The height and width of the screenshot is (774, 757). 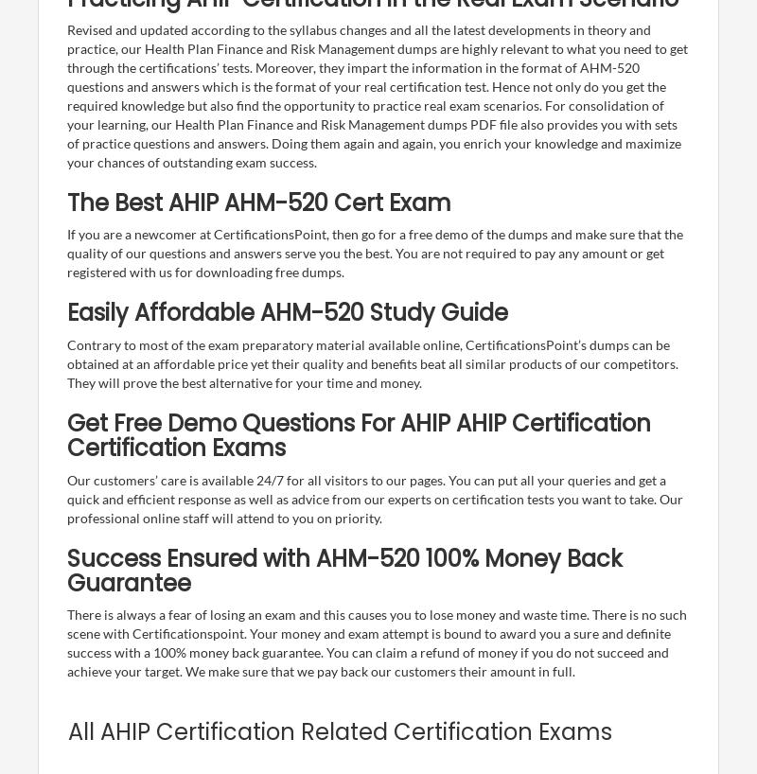 I want to click on 'Easily Affordable AHM-520 Study Guide', so click(x=287, y=311).